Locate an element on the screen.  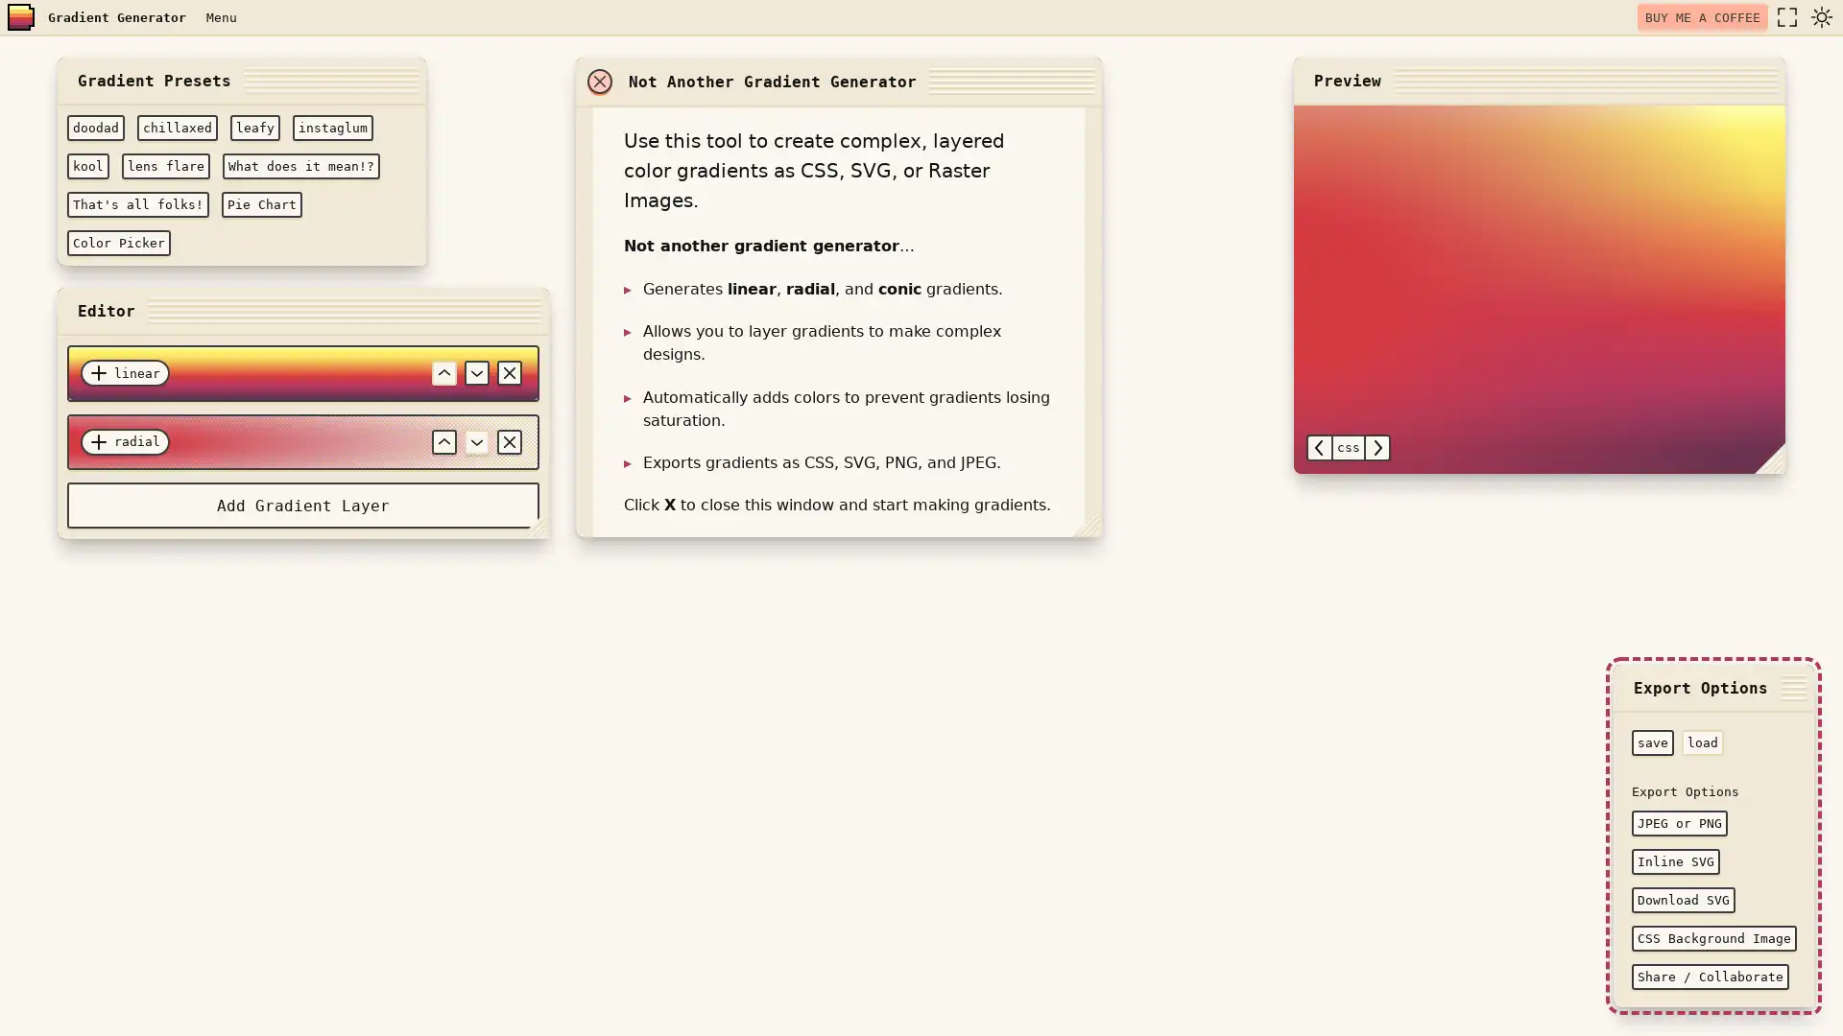
chillaxed is located at coordinates (178, 128).